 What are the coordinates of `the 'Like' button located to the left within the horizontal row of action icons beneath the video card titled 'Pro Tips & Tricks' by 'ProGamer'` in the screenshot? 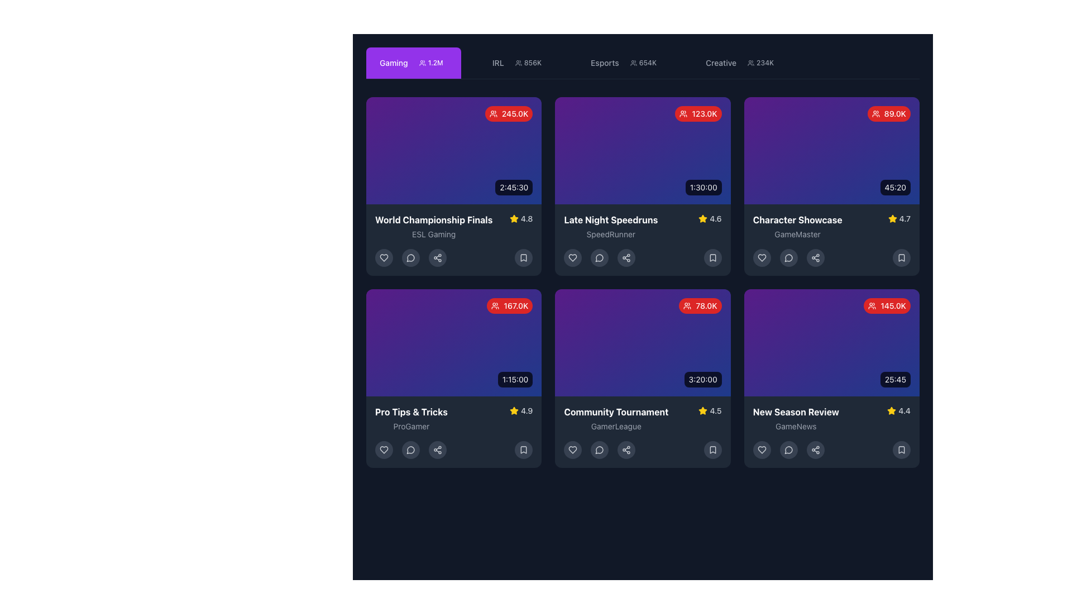 It's located at (384, 449).